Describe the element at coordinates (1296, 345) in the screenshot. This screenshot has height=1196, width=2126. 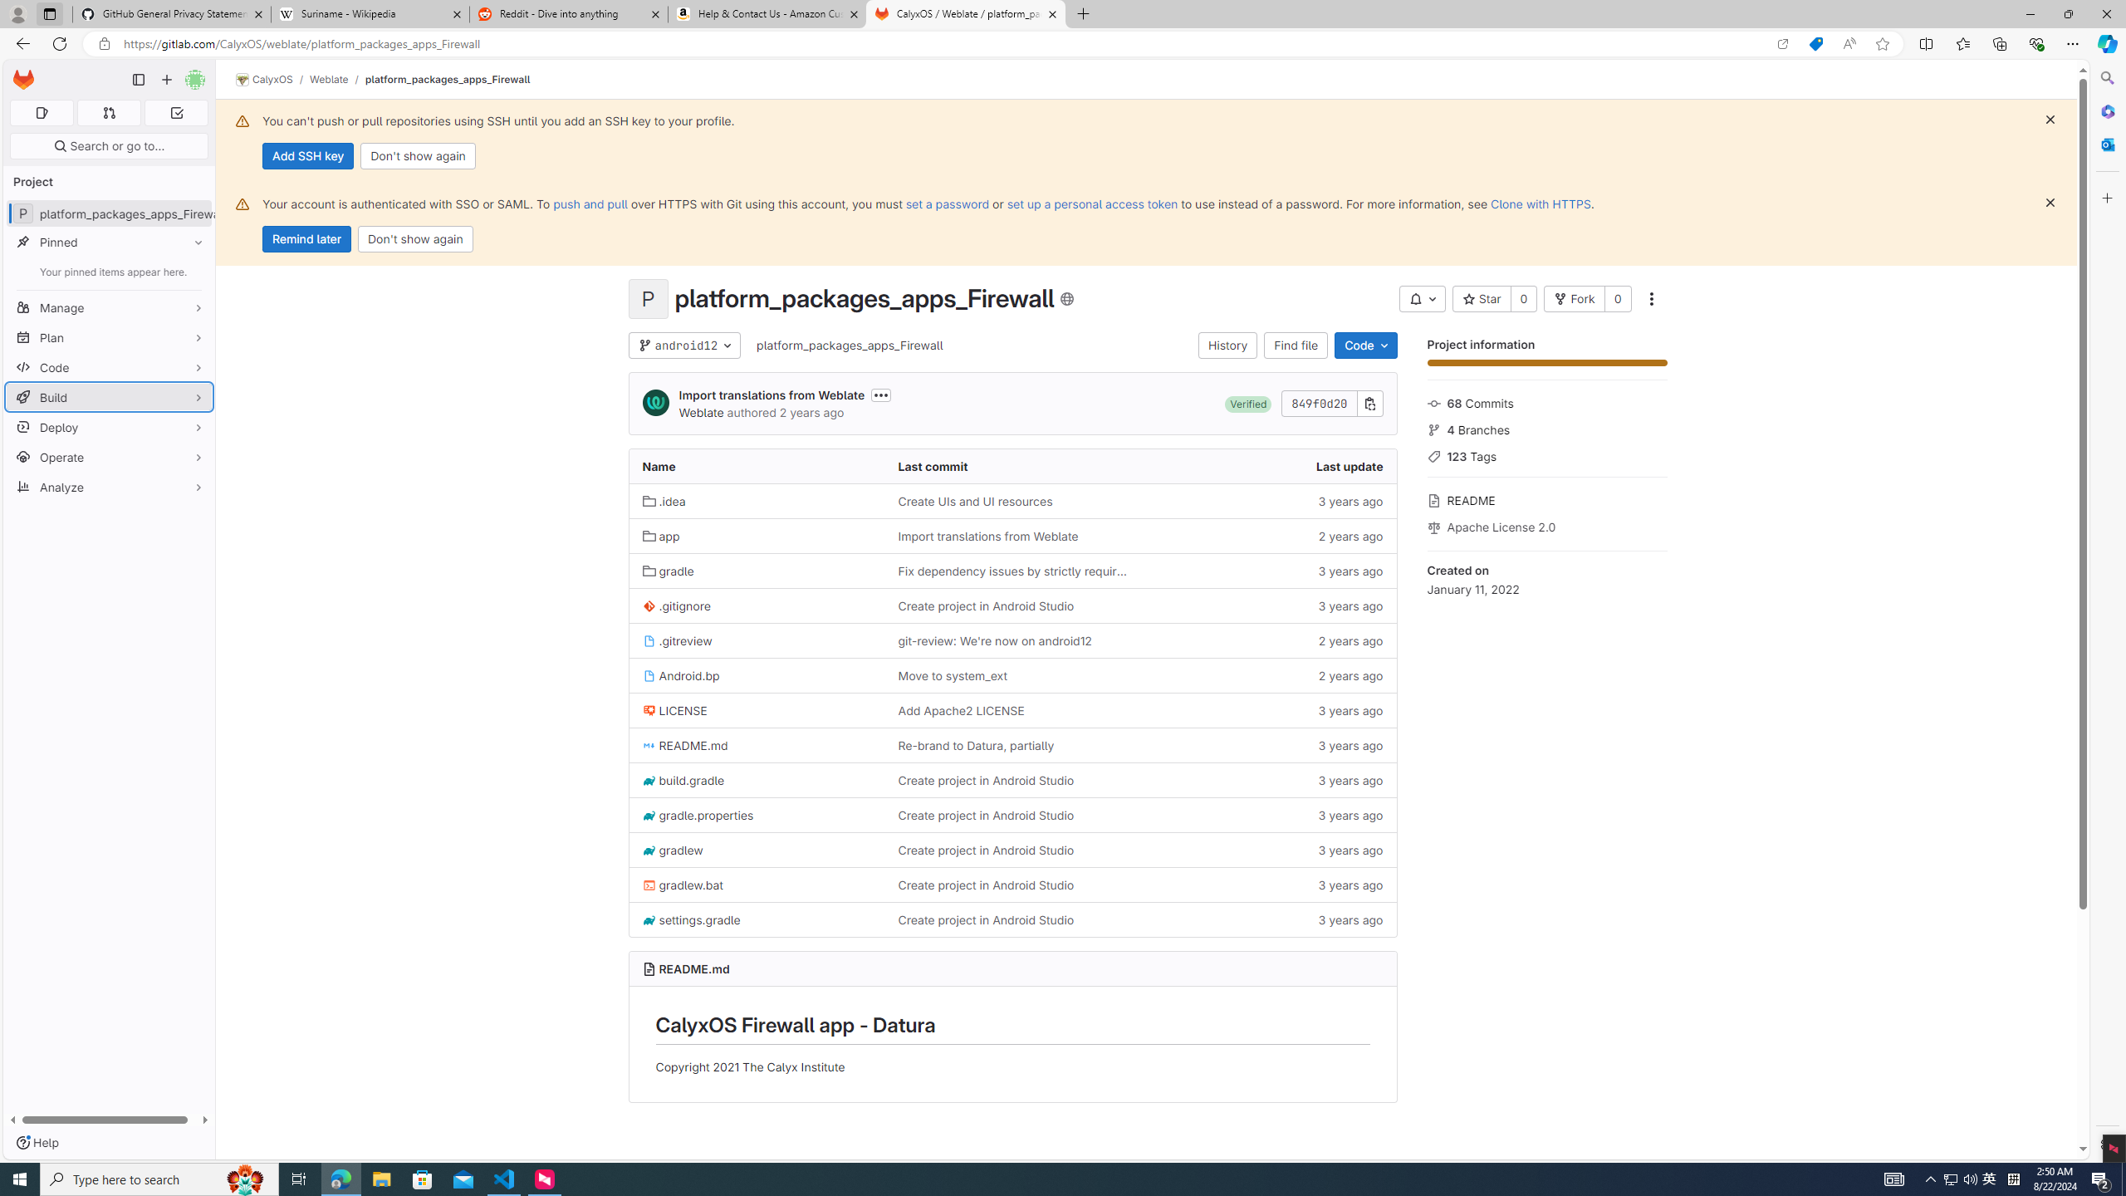
I see `'Find file'` at that location.